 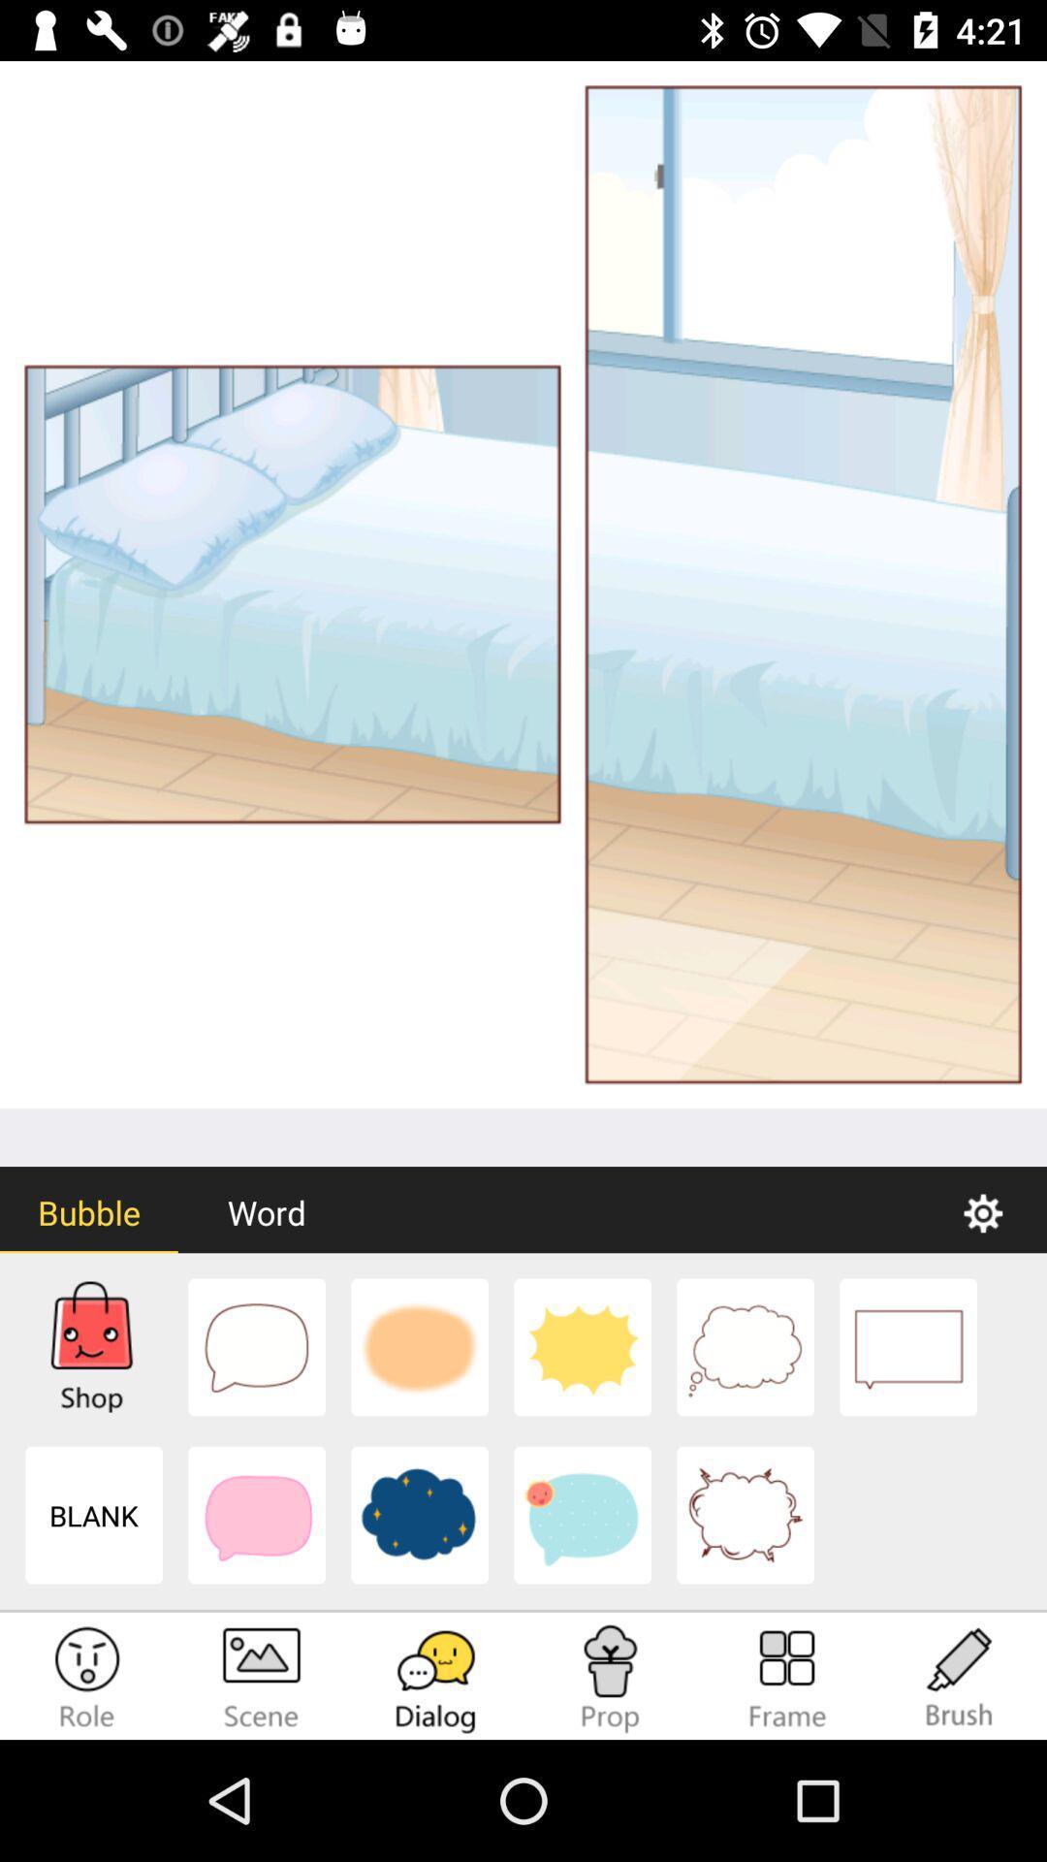 I want to click on 3rd picture at the bottom, so click(x=418, y=1346).